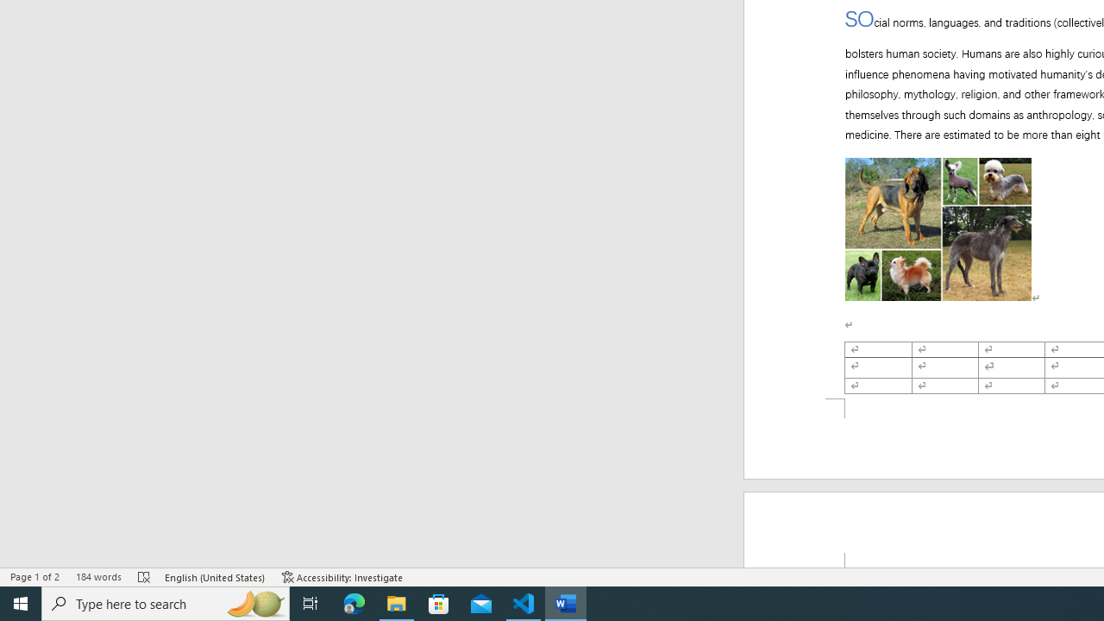 This screenshot has height=621, width=1104. I want to click on 'Microsoft Edge', so click(354, 602).